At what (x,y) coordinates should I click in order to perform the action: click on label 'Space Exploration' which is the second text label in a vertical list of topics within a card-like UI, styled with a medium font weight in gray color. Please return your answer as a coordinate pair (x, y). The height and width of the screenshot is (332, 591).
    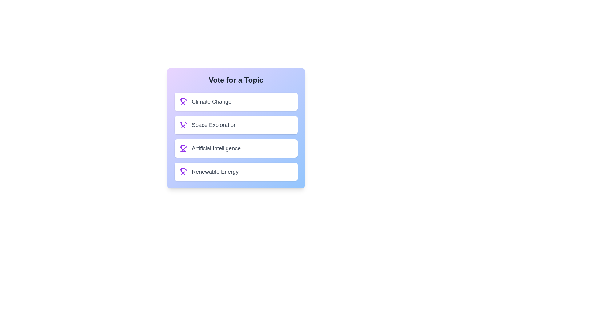
    Looking at the image, I should click on (214, 125).